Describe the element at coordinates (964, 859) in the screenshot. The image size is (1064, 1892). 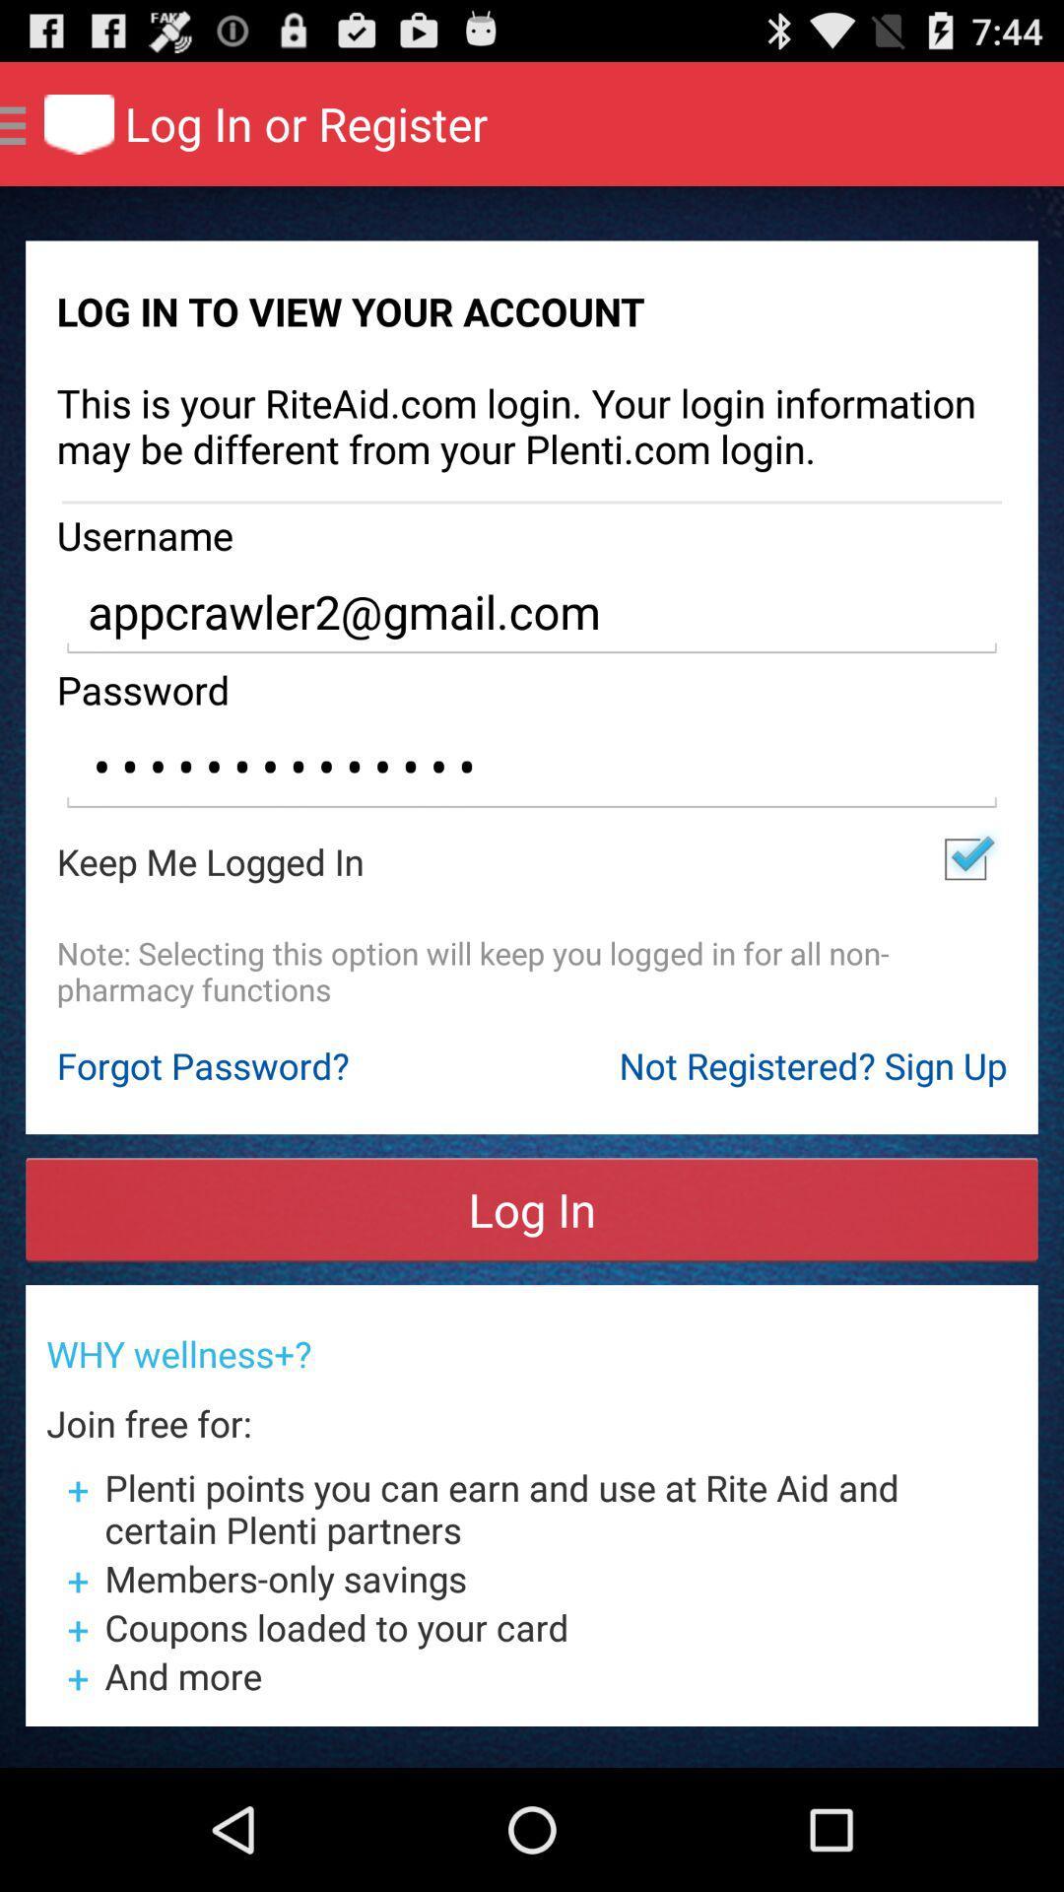
I see `the app next to the keep me logged` at that location.